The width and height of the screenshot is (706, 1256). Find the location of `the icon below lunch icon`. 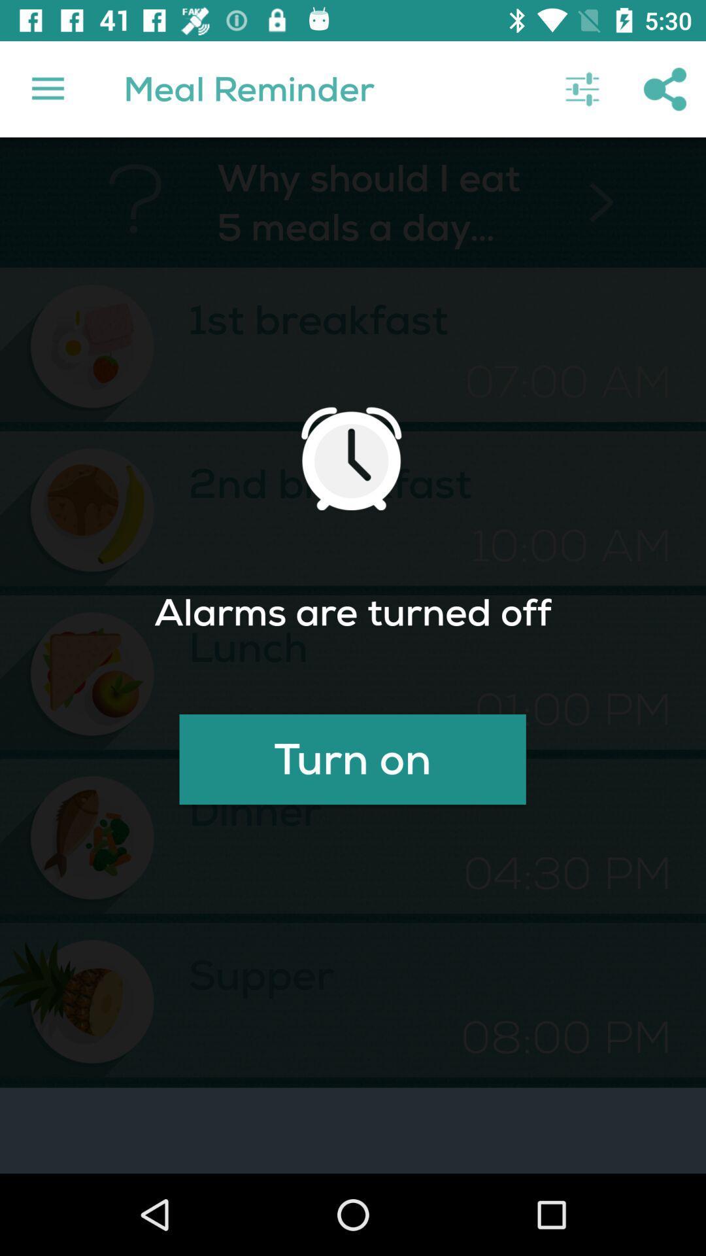

the icon below lunch icon is located at coordinates (352, 759).